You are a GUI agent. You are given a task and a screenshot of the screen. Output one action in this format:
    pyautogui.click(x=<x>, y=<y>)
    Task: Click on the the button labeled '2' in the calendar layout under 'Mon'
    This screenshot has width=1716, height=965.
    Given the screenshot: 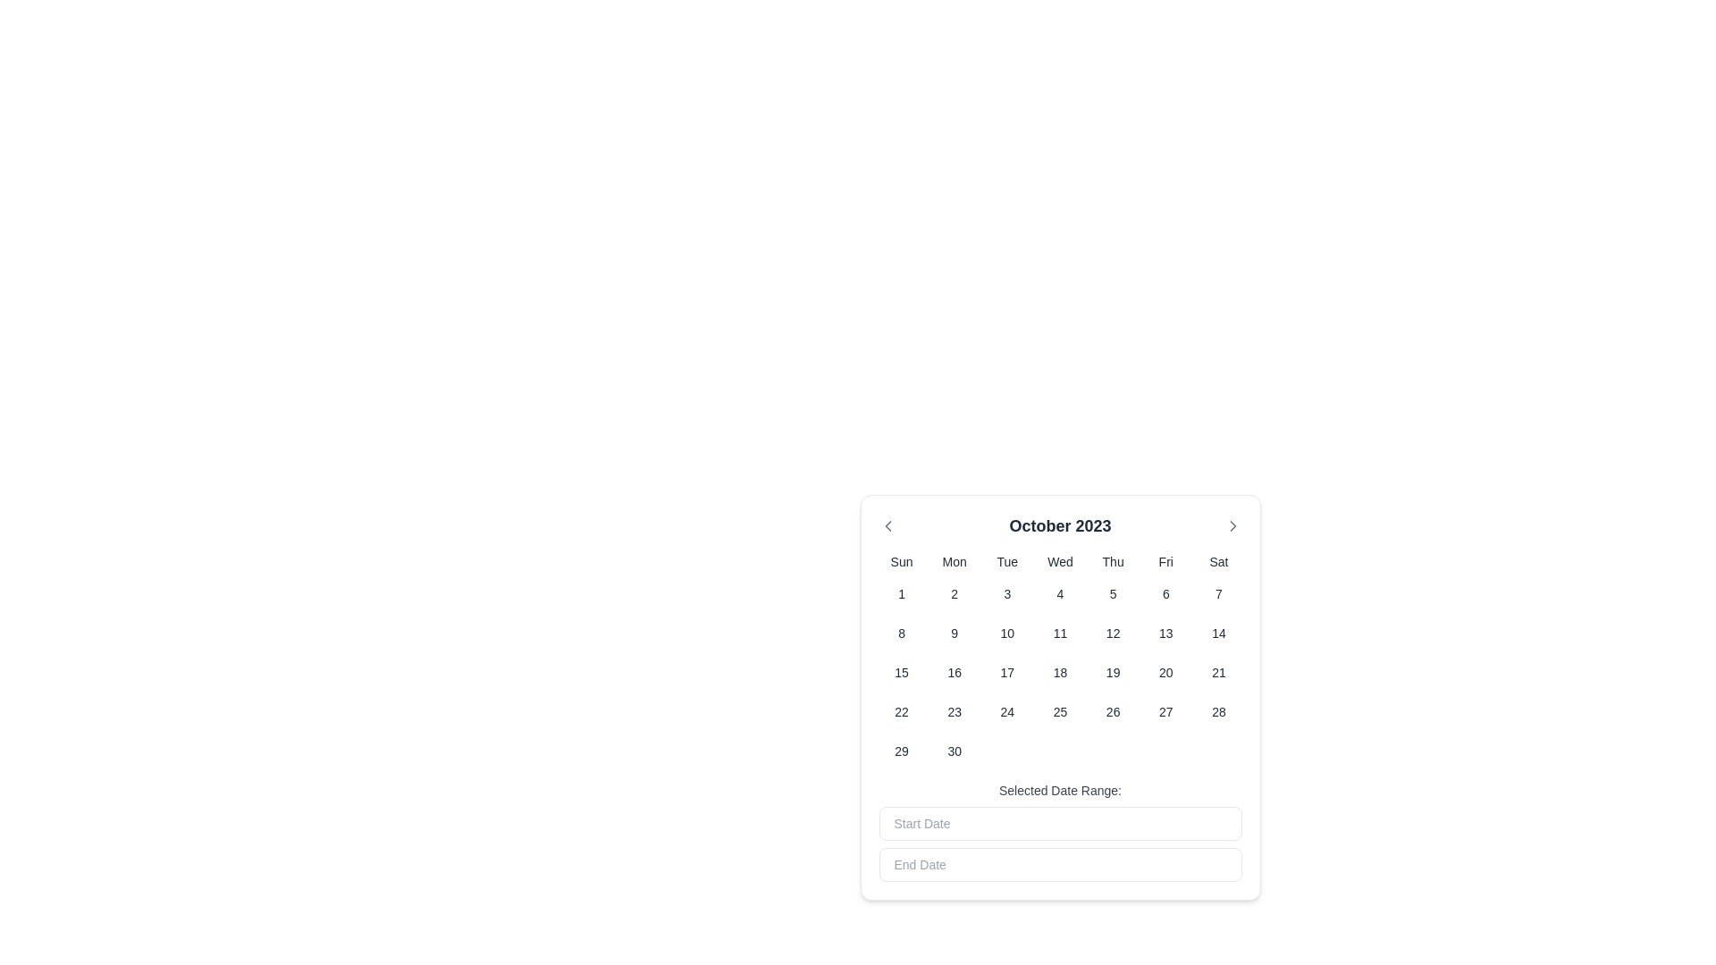 What is the action you would take?
    pyautogui.click(x=954, y=593)
    